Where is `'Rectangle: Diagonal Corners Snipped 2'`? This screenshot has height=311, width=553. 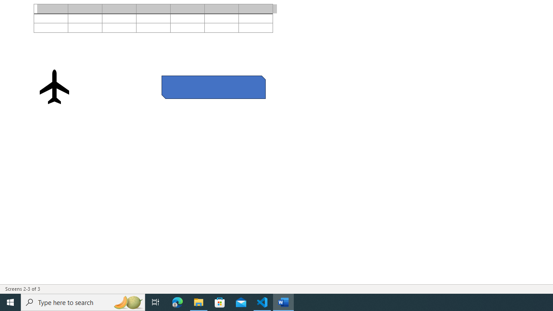 'Rectangle: Diagonal Corners Snipped 2' is located at coordinates (213, 87).